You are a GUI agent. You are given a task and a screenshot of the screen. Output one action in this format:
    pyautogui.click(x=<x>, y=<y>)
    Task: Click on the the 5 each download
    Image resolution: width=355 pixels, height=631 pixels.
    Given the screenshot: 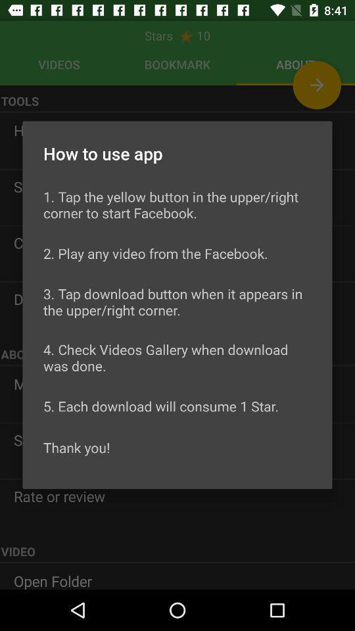 What is the action you would take?
    pyautogui.click(x=161, y=405)
    